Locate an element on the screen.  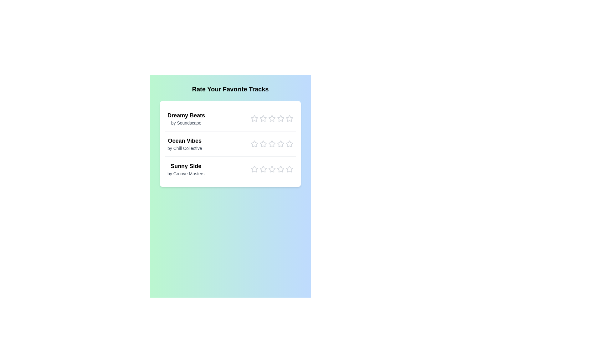
the track title Ocean Vibes to select its text is located at coordinates (184, 141).